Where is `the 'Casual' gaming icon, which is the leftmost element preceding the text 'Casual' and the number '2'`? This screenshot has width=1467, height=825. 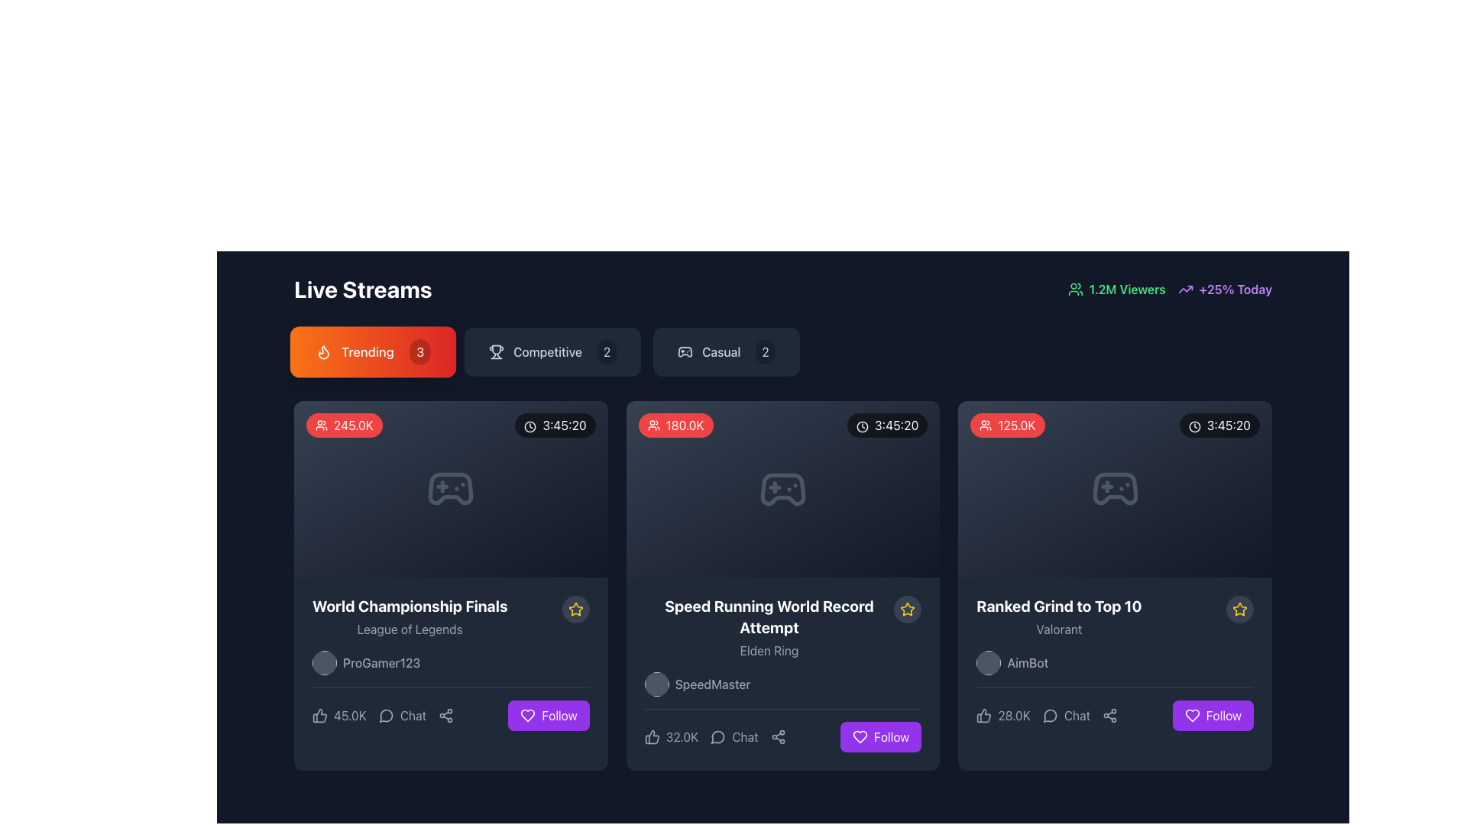
the 'Casual' gaming icon, which is the leftmost element preceding the text 'Casual' and the number '2' is located at coordinates (685, 352).